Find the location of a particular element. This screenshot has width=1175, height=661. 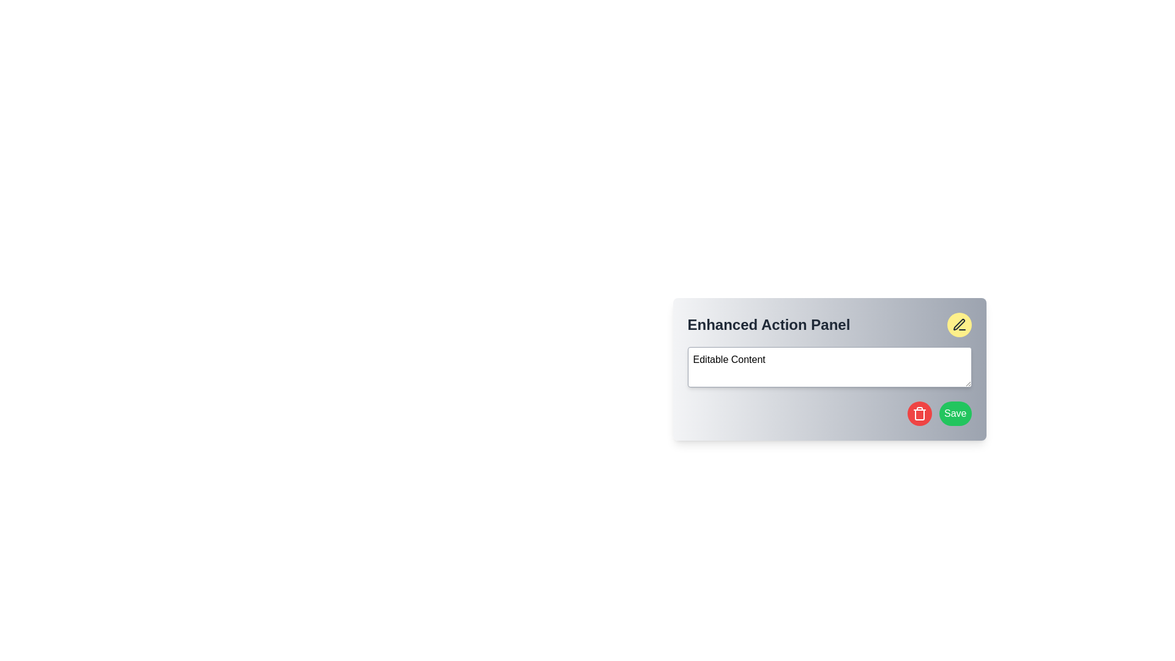

the trash icon, which is a red circular button located at the bottom-right corner of the Enhanced Action Panel, to initiate a delete action is located at coordinates (919, 413).